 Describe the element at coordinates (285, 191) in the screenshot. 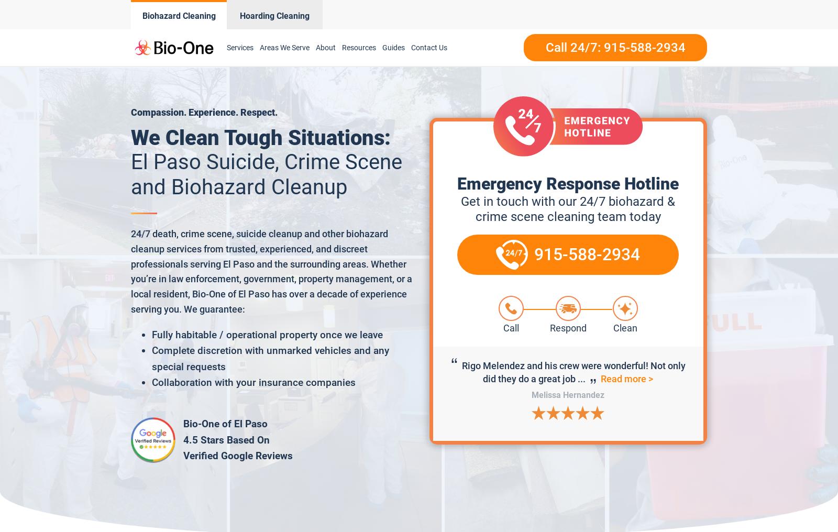

I see `'Luna County'` at that location.